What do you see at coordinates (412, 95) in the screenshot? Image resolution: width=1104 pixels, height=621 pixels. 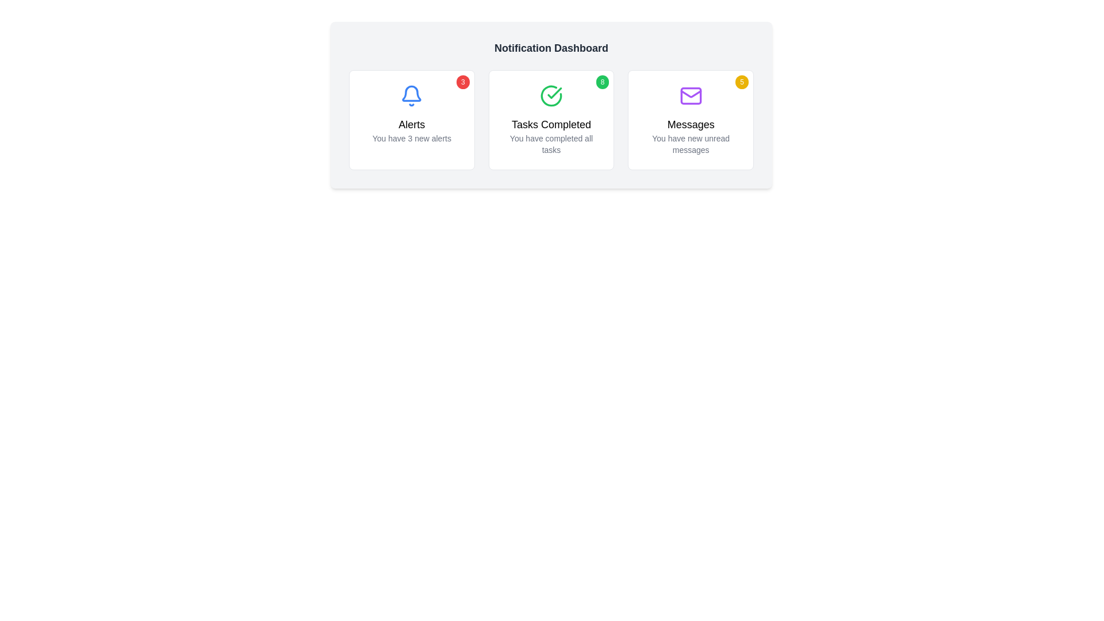 I see `the content of the blue bell icon located at the top center of the 'Alerts' card in the Notification Dashboard` at bounding box center [412, 95].